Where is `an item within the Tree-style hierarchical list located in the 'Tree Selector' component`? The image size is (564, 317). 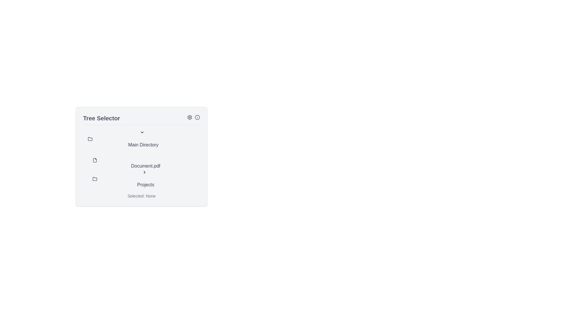
an item within the Tree-style hierarchical list located in the 'Tree Selector' component is located at coordinates (141, 159).